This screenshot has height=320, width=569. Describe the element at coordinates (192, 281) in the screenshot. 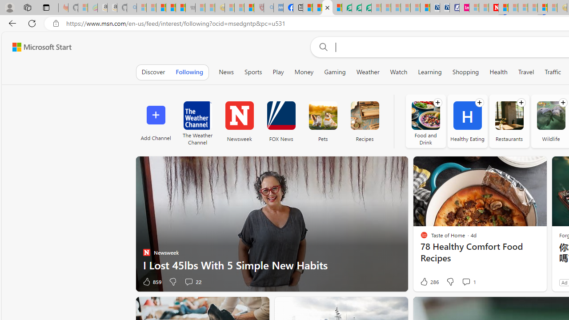

I see `'View comments 22 Comment'` at that location.